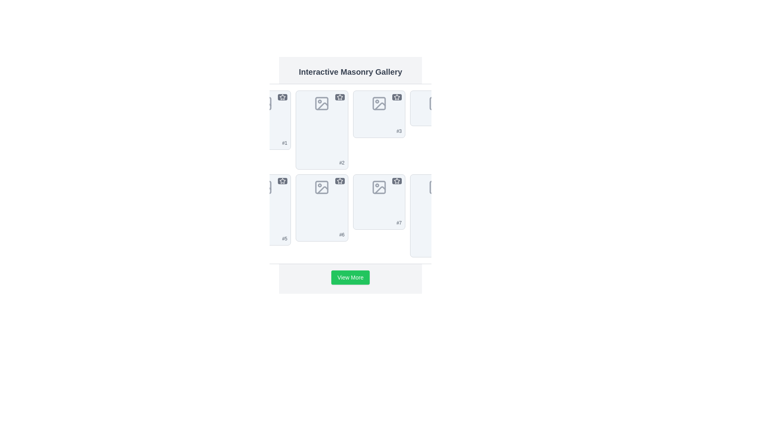 Image resolution: width=760 pixels, height=427 pixels. I want to click on the image placeholder icon with a gray color scheme, located in card '#2' of the masonry grid layout, so click(322, 103).